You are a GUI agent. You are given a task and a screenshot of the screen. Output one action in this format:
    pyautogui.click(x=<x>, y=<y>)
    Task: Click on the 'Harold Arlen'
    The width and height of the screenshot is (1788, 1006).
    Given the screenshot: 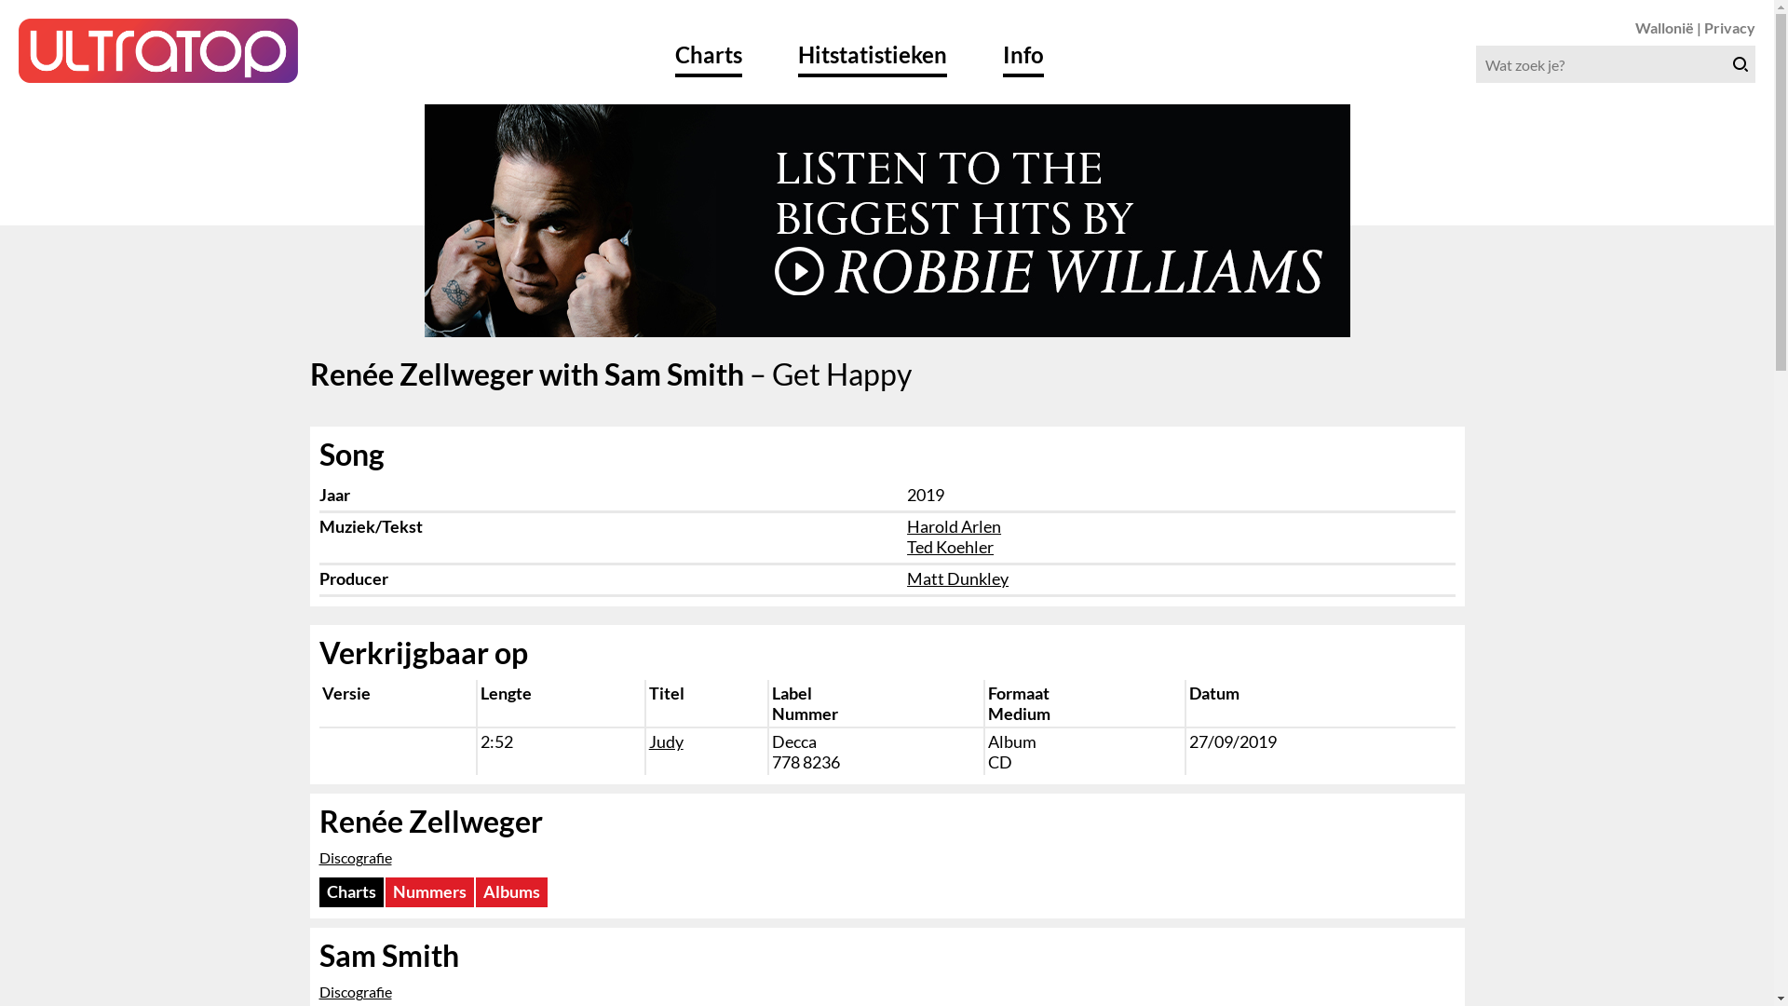 What is the action you would take?
    pyautogui.click(x=954, y=525)
    